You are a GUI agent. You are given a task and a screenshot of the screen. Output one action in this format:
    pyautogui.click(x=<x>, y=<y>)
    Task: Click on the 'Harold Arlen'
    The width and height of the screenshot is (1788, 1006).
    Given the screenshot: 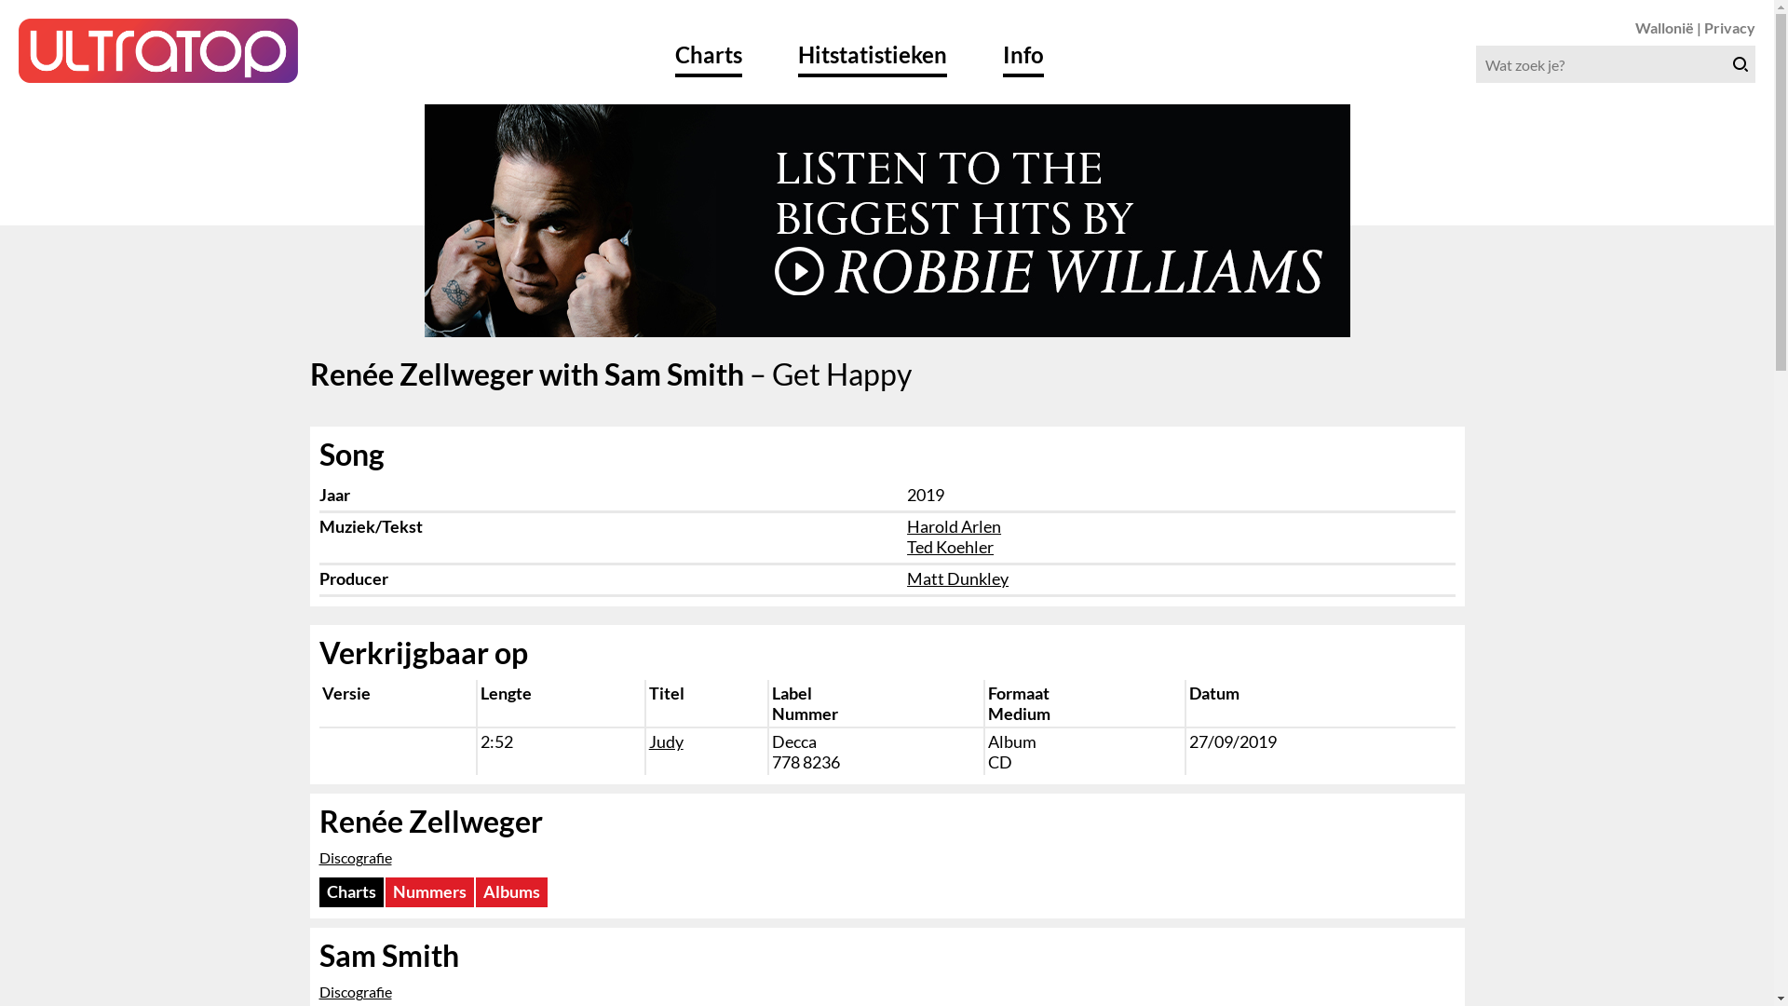 What is the action you would take?
    pyautogui.click(x=954, y=525)
    